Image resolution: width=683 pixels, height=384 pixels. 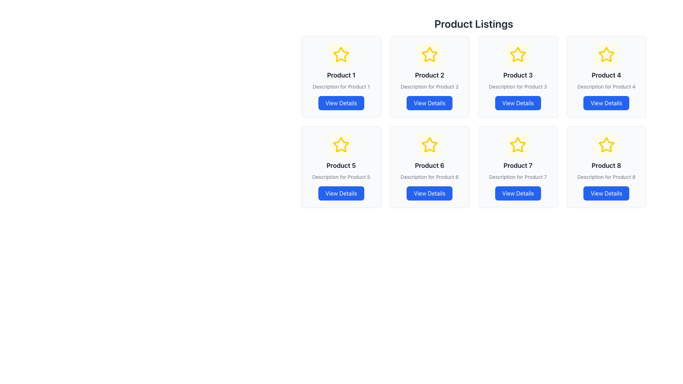 I want to click on the descriptive text block for 'Product 7', which is positioned below the title and above the 'View Details' button, so click(x=518, y=176).